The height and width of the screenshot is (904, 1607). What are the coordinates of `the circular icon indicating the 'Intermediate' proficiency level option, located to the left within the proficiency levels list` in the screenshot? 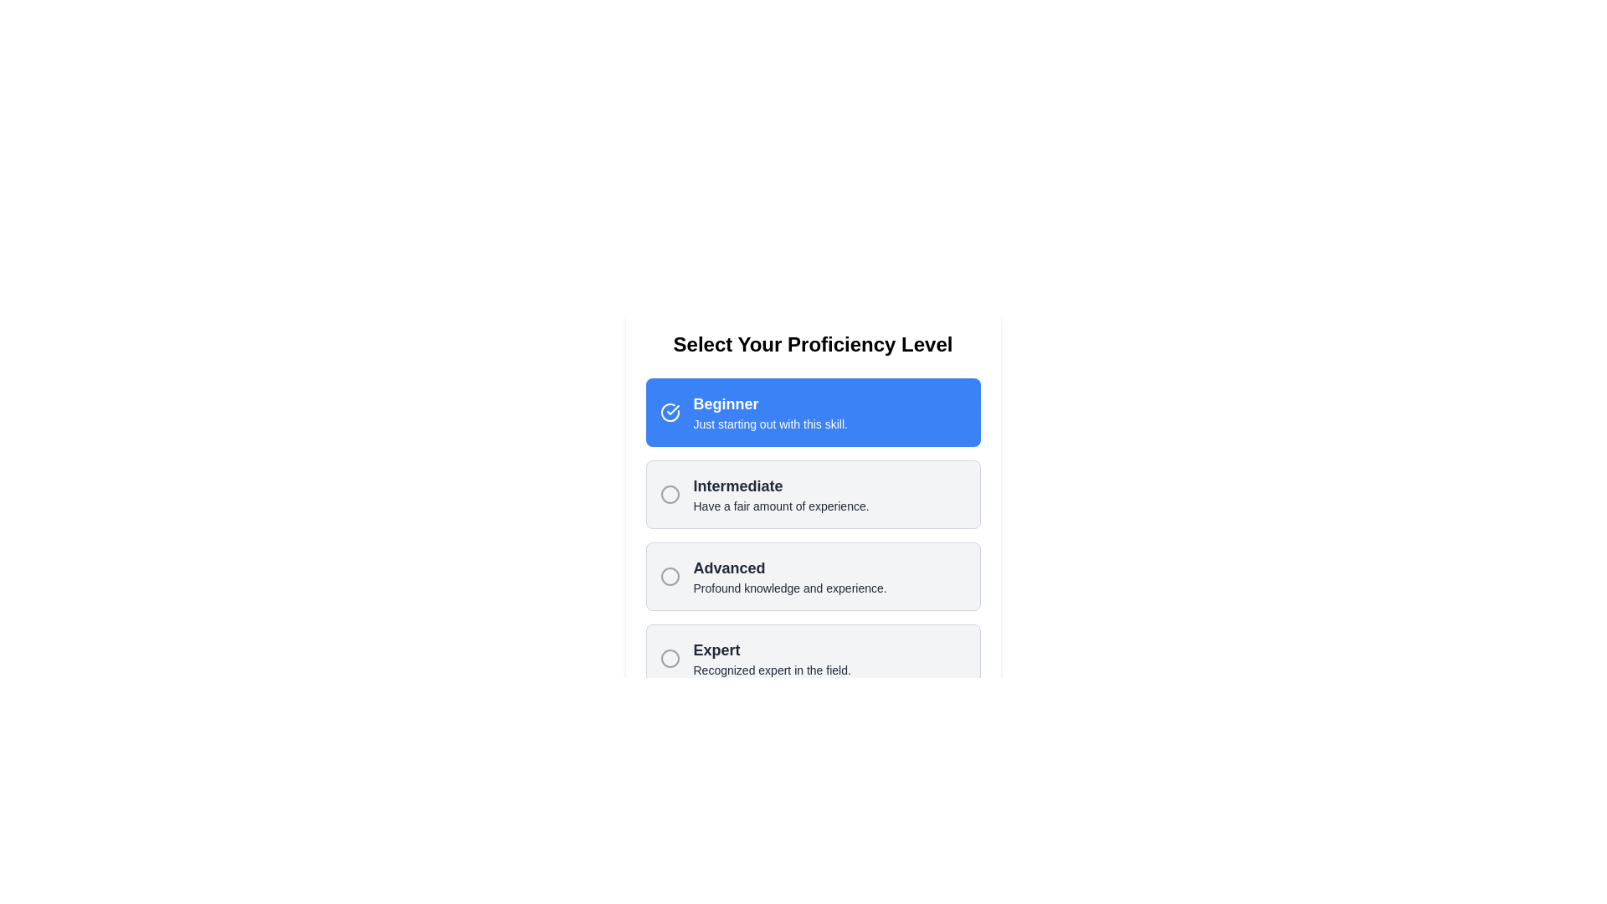 It's located at (670, 493).